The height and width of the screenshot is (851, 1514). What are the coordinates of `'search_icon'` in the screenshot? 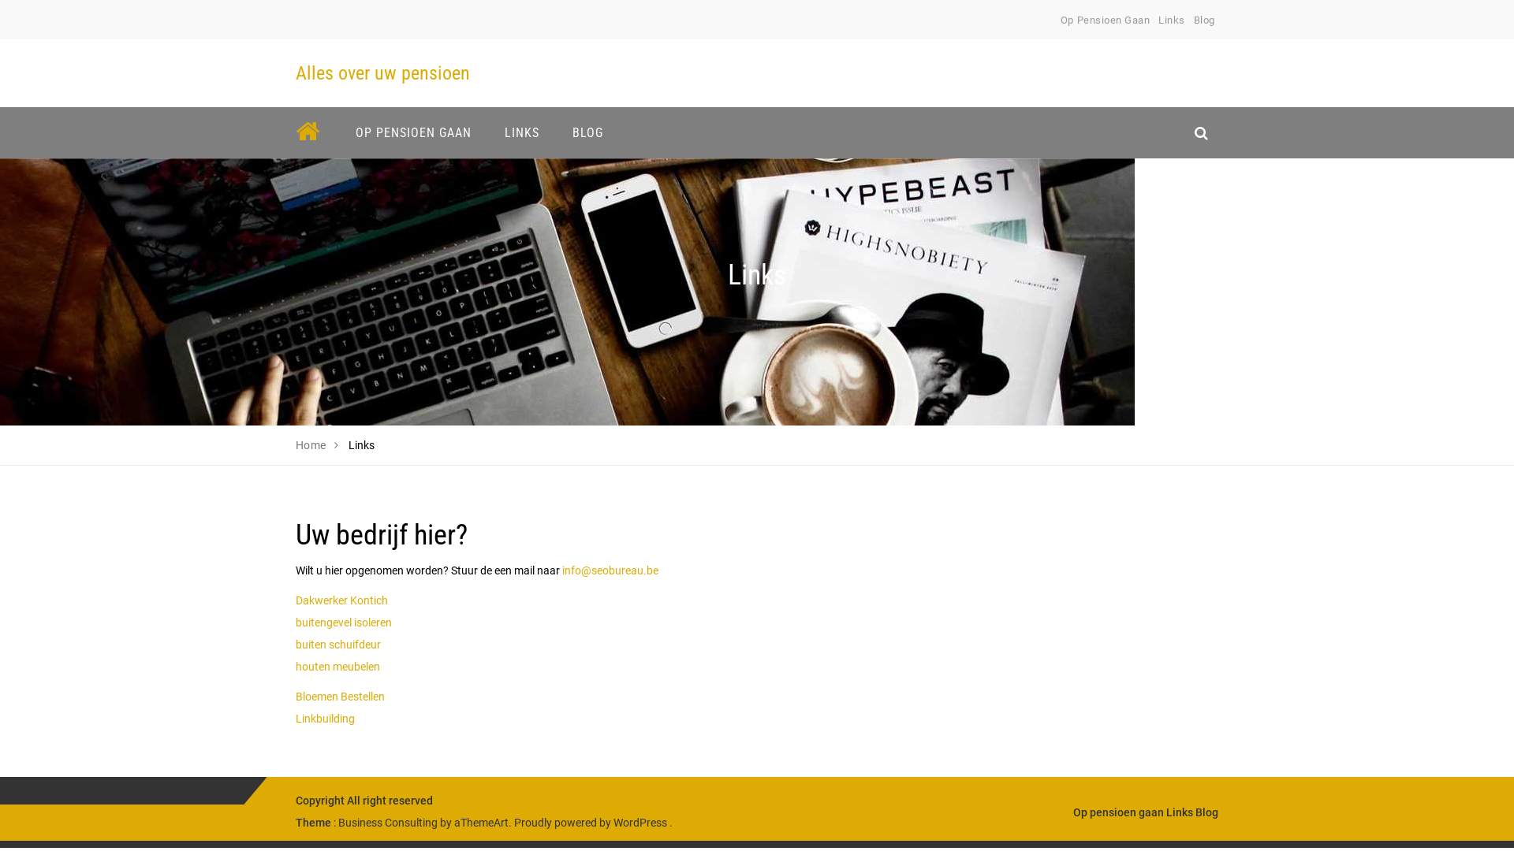 It's located at (1200, 132).